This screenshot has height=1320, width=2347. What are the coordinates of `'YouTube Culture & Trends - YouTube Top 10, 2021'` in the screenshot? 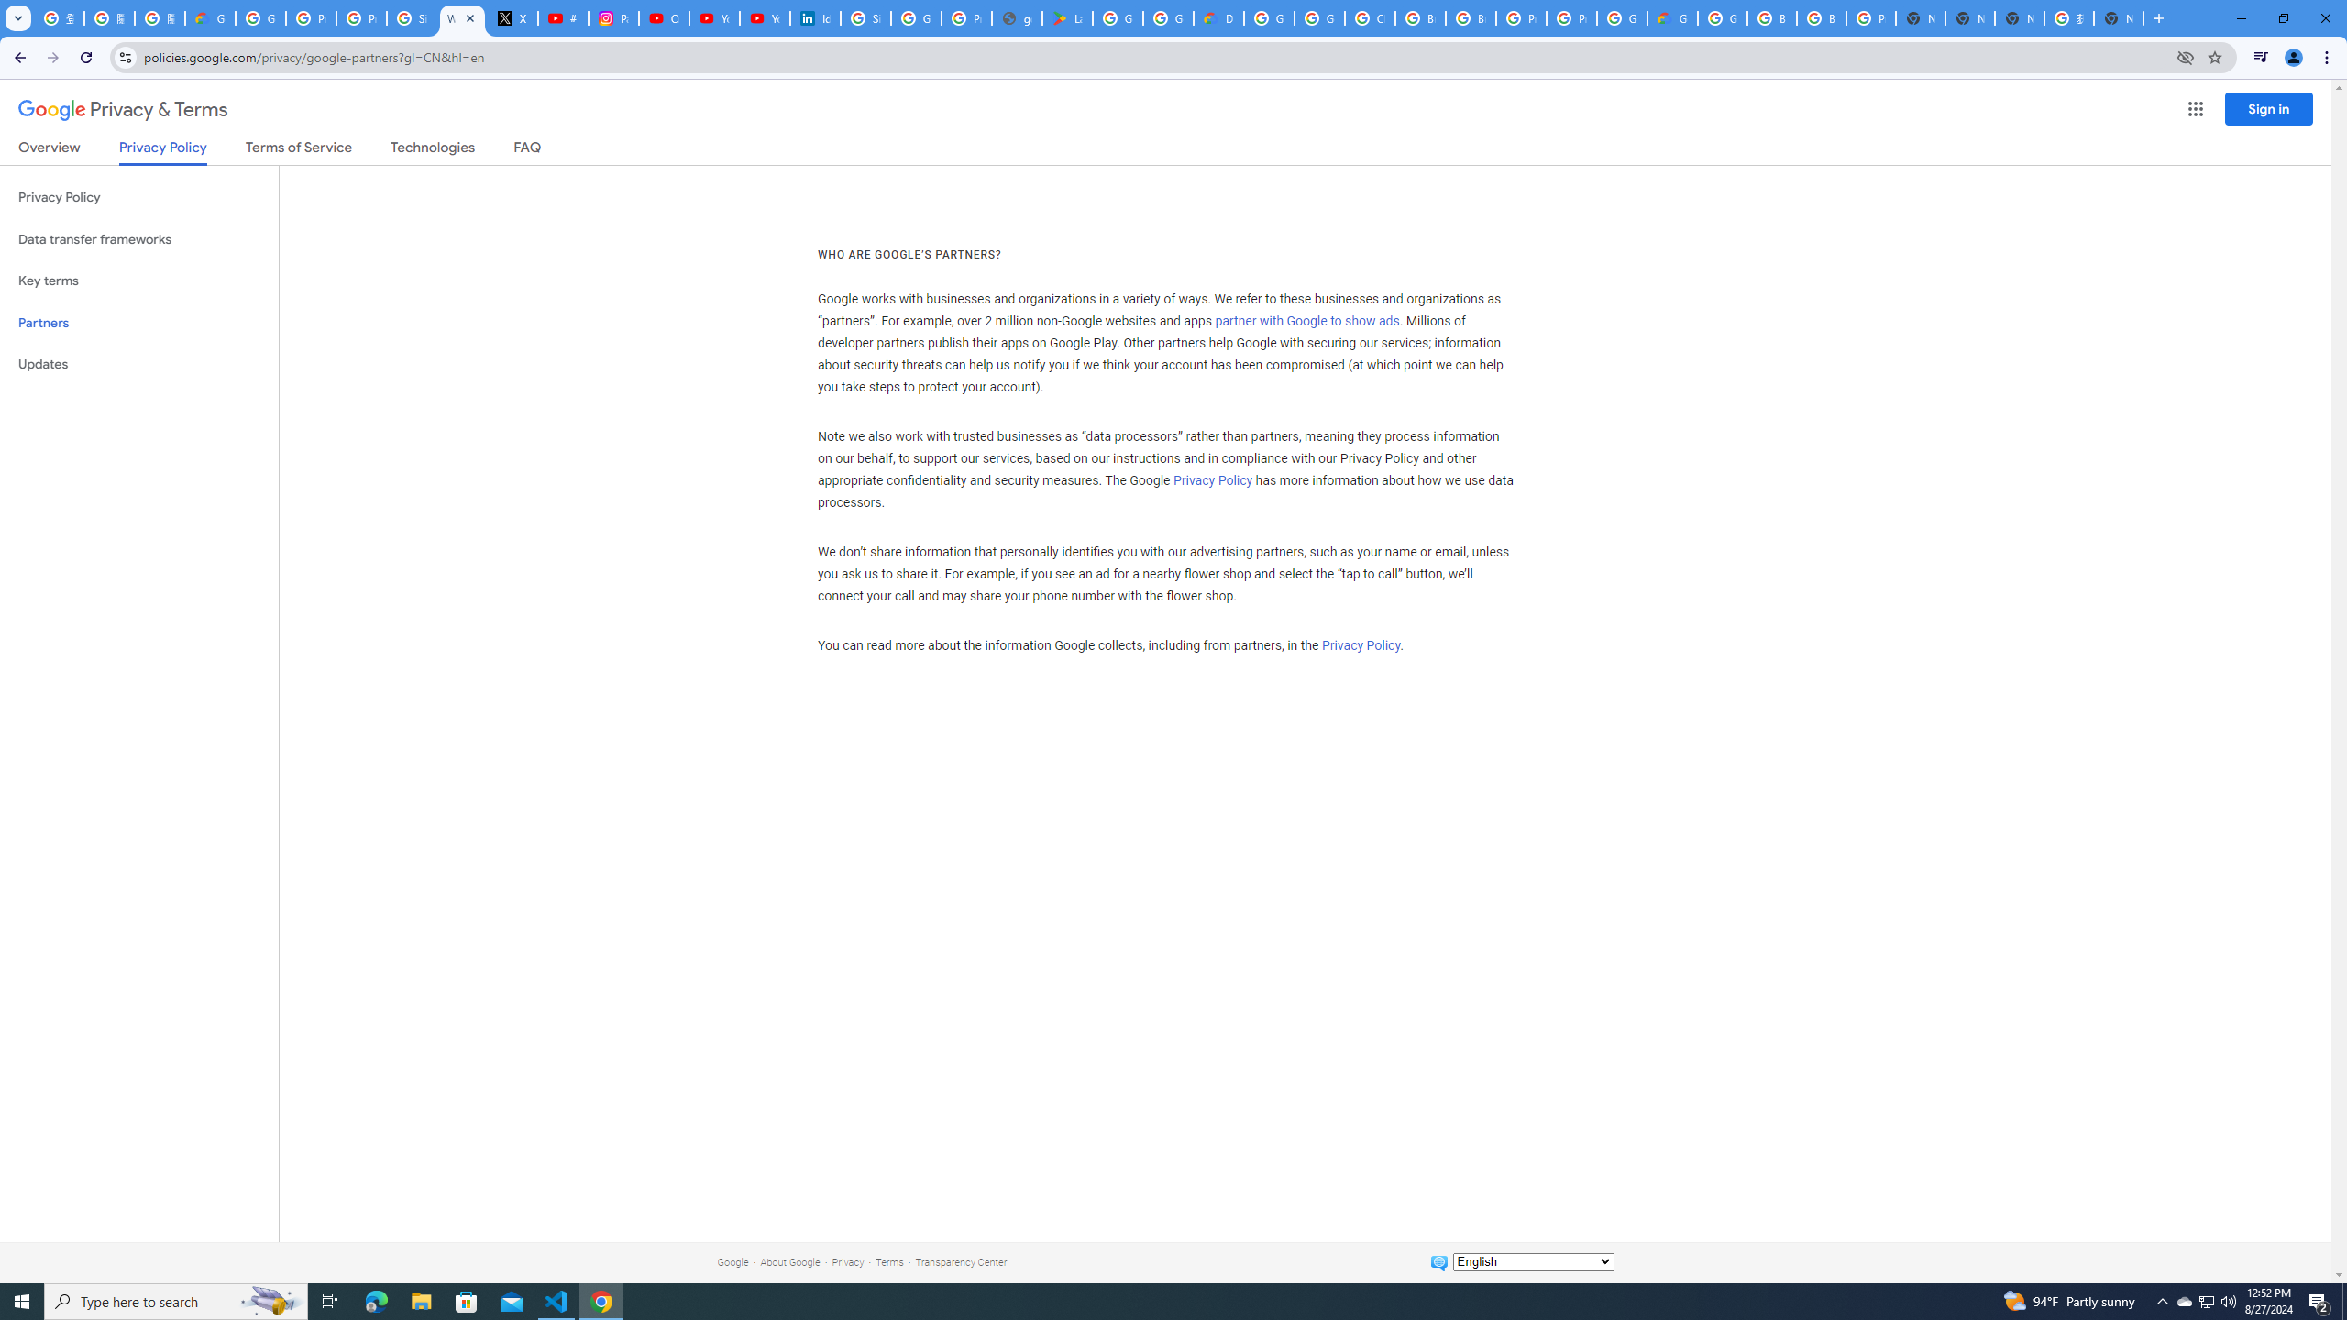 It's located at (764, 17).